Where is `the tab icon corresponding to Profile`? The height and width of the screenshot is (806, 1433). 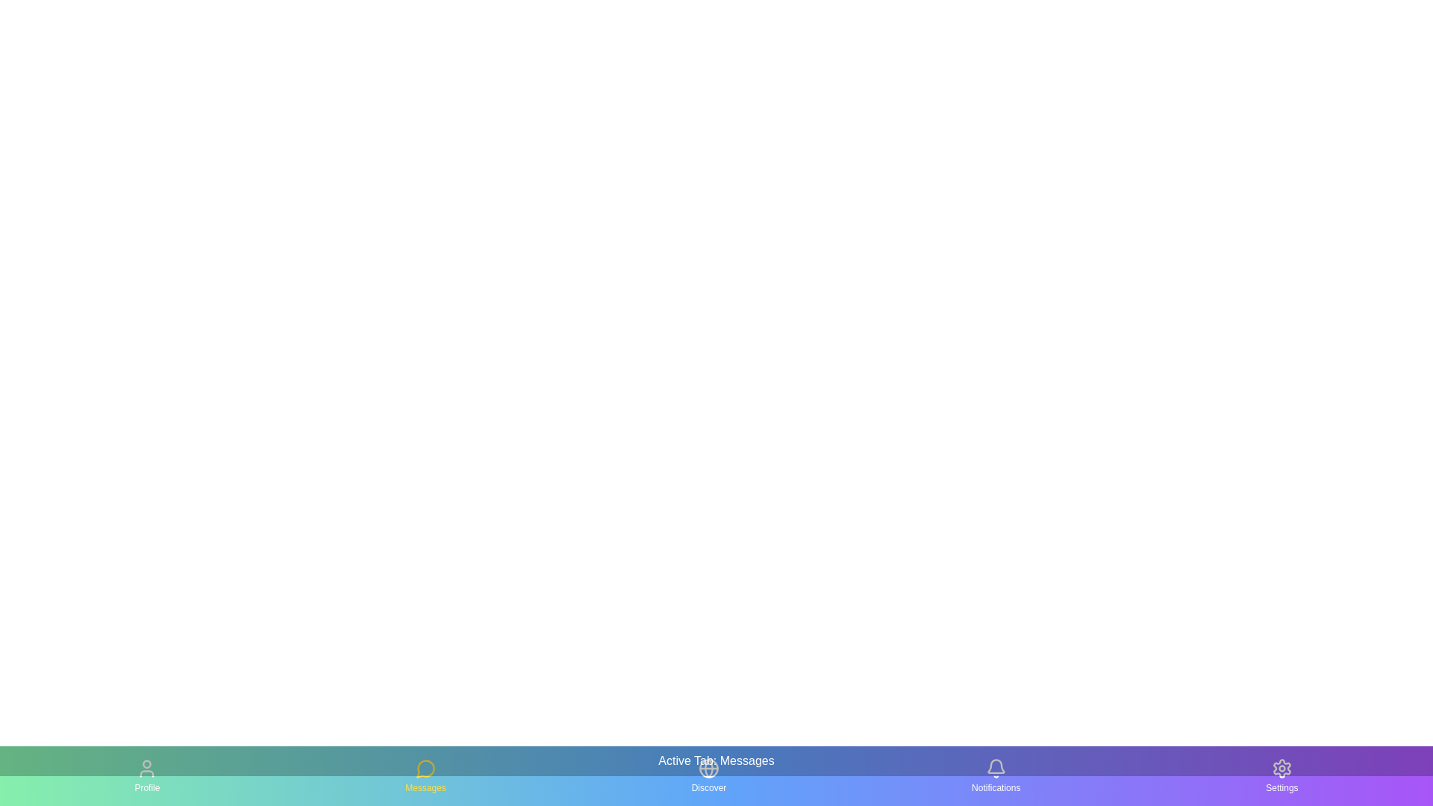
the tab icon corresponding to Profile is located at coordinates (147, 775).